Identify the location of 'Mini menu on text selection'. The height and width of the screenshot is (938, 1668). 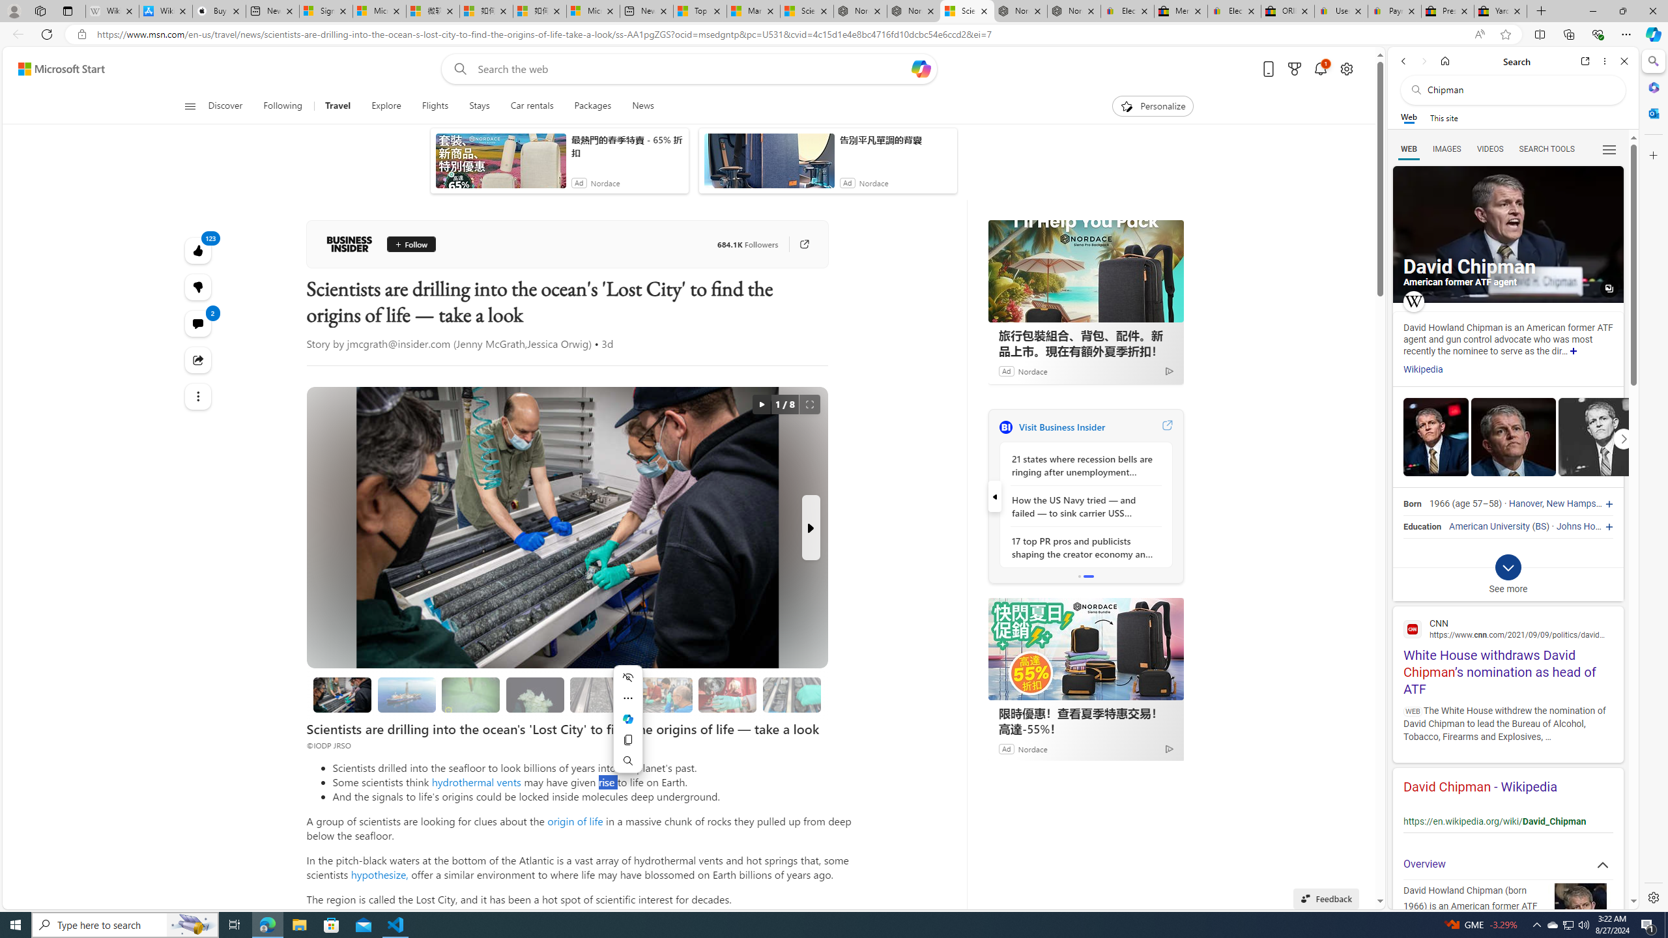
(627, 718).